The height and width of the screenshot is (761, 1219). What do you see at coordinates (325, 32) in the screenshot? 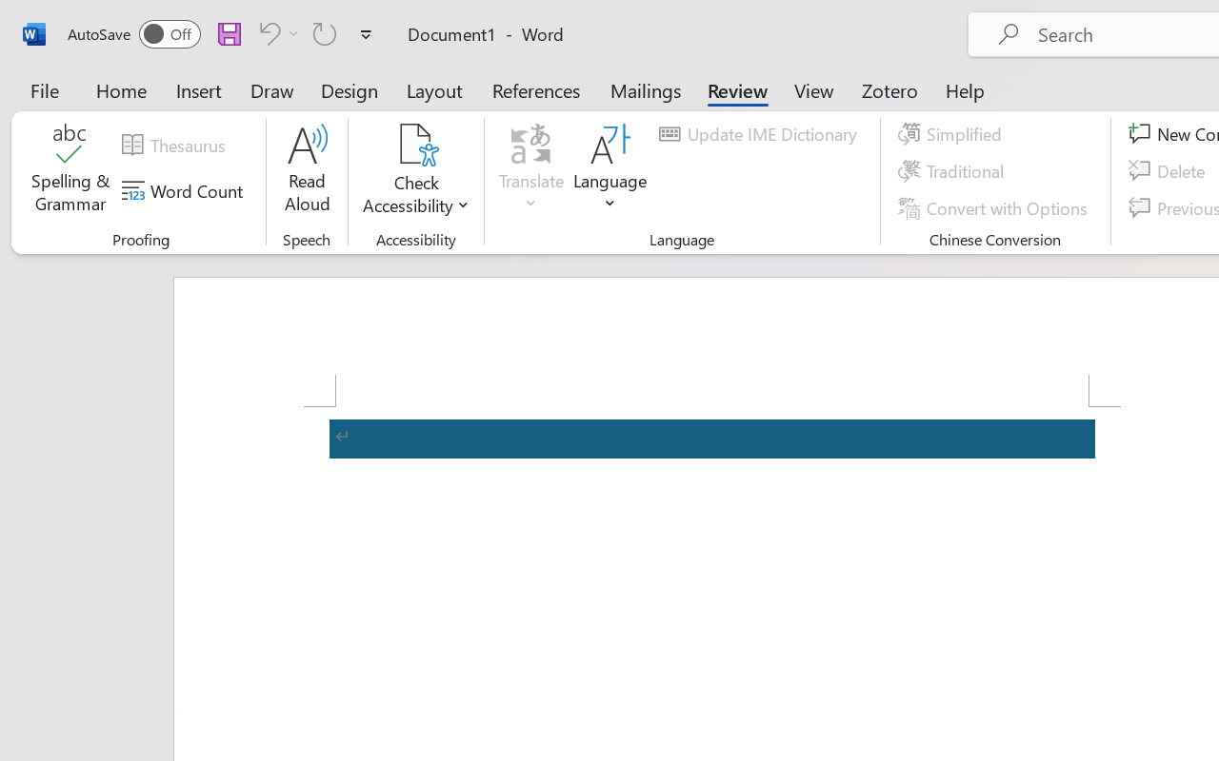
I see `'Repeat Accessibility Checker'` at bounding box center [325, 32].